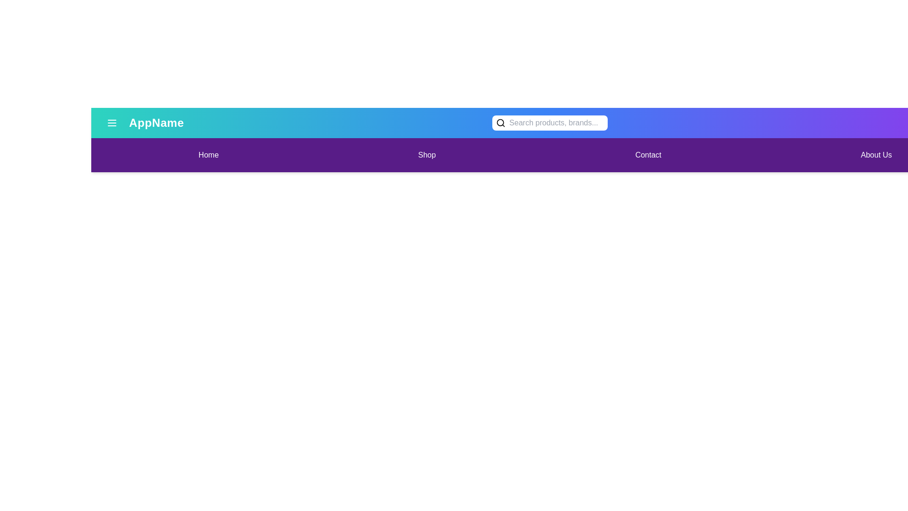  I want to click on the search icon located on the left side of the search input field, which serves as a visual indication for search functionality, so click(500, 122).